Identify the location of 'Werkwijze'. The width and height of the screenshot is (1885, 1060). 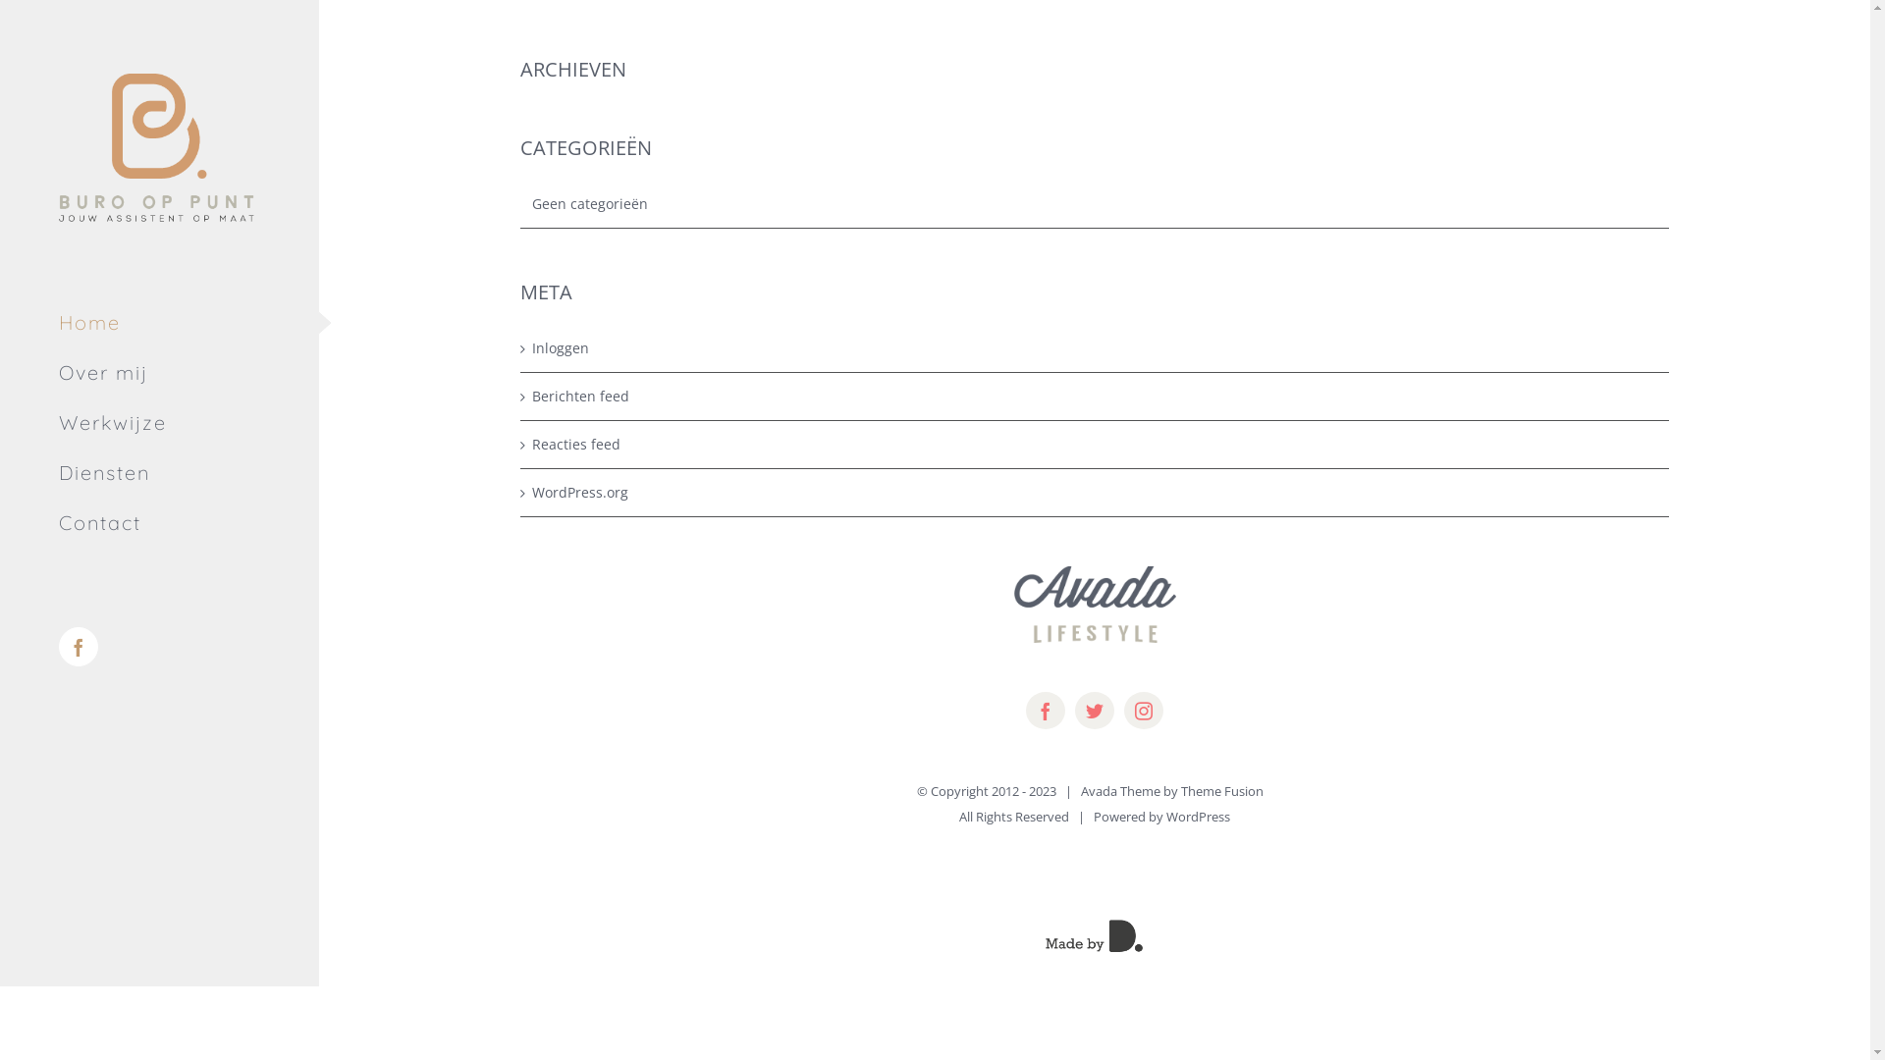
(159, 422).